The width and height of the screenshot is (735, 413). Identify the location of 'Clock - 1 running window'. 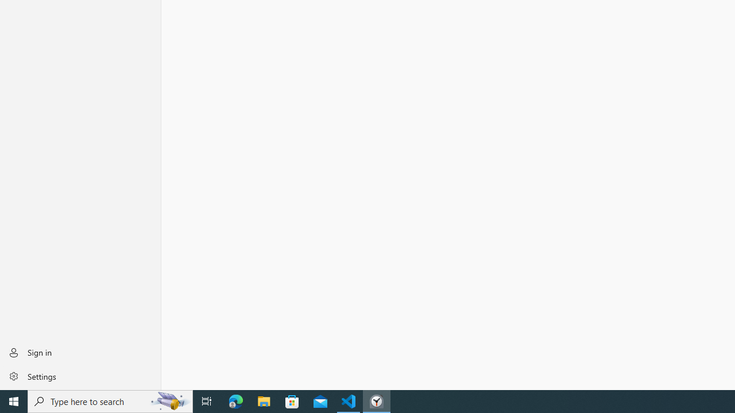
(377, 400).